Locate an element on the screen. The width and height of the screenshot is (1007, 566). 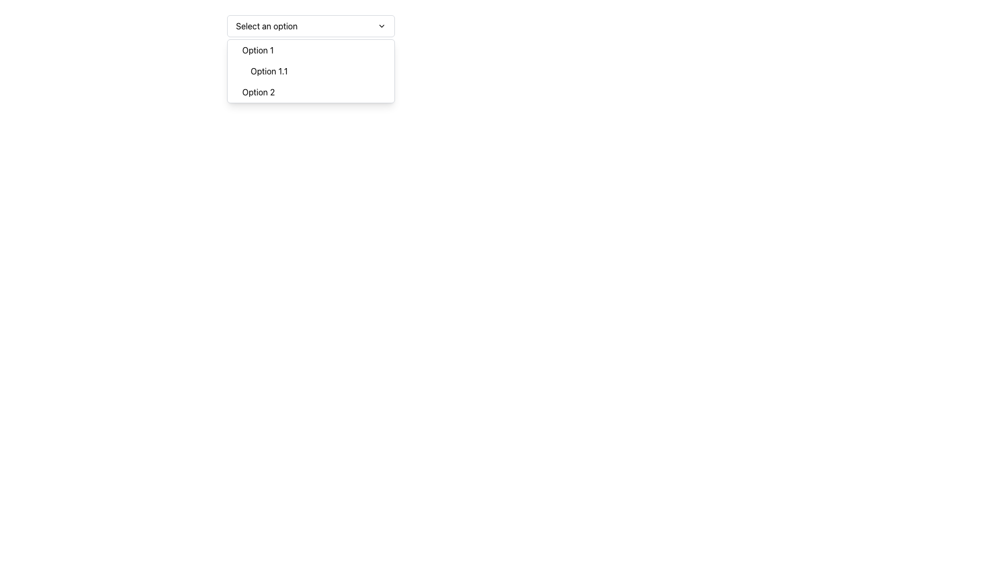
the main option labeled 'Option 1' is located at coordinates (314, 60).